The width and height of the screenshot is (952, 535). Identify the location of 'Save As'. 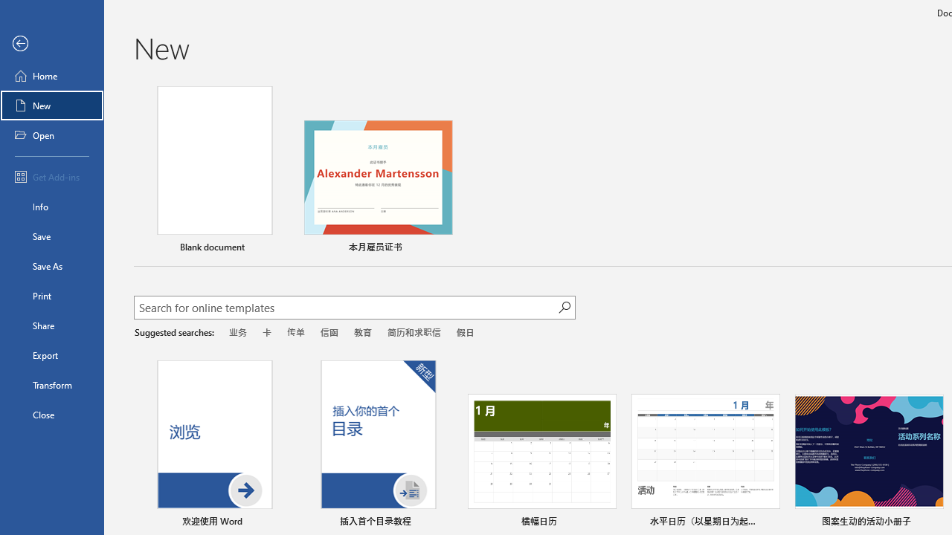
(51, 265).